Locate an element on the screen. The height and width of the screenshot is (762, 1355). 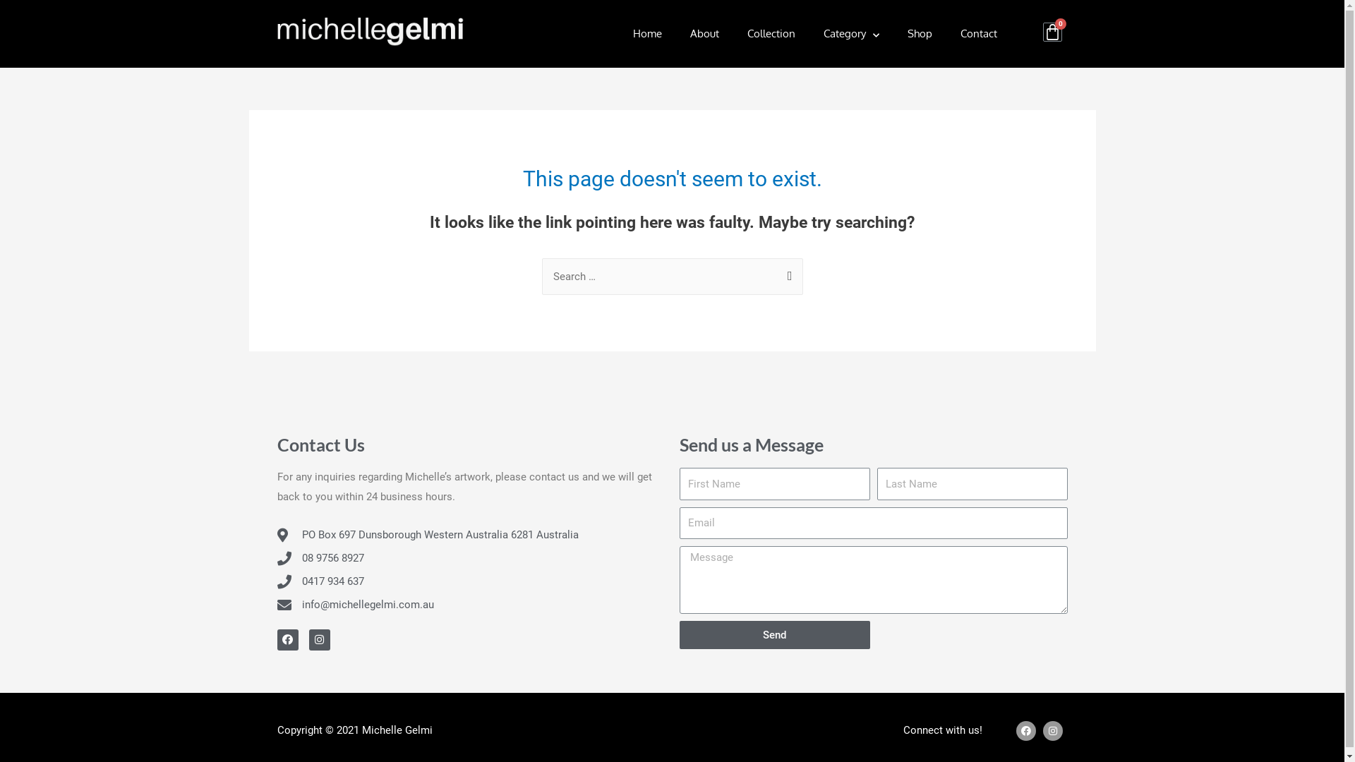
'Home' is located at coordinates (646, 32).